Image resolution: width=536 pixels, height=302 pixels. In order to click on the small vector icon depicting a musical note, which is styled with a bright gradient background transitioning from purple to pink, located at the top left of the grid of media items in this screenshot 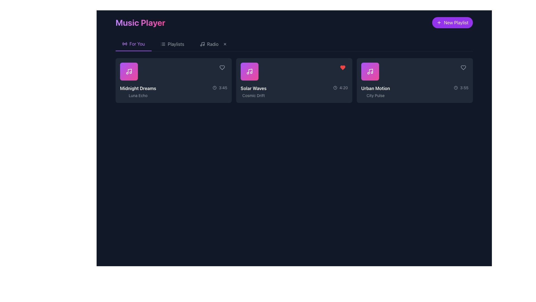, I will do `click(128, 71)`.